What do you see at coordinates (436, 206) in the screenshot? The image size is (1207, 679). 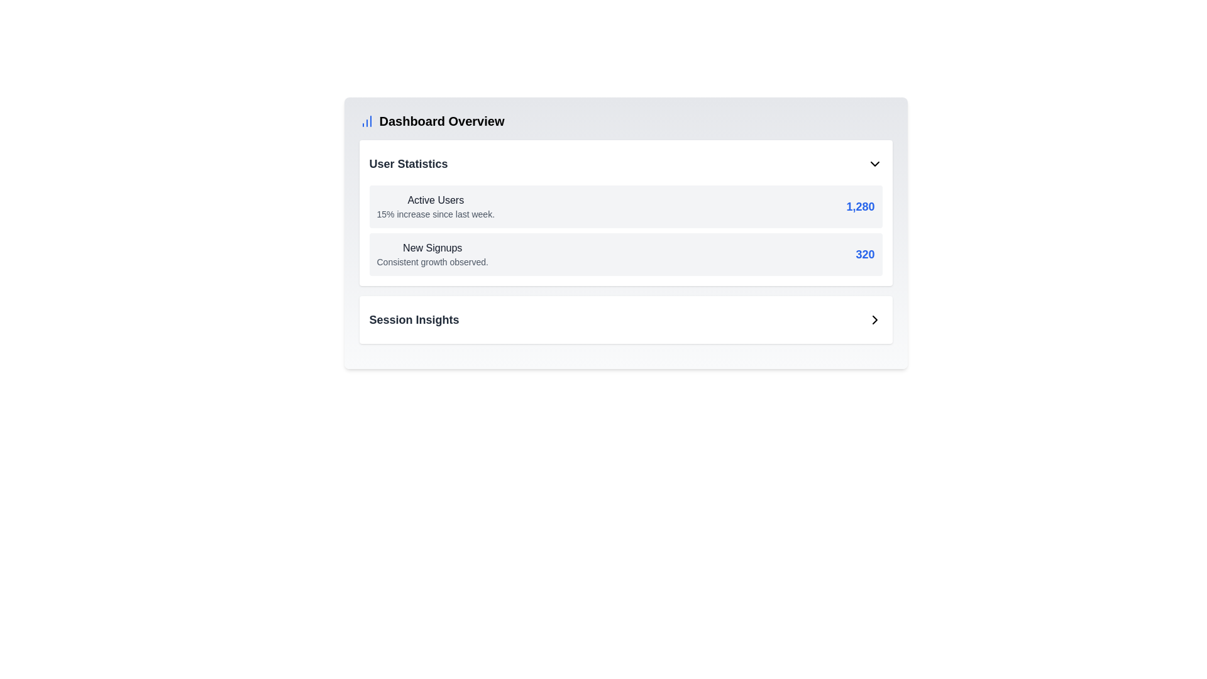 I see `the text block displaying 'Active Users' with the subtitle '15% increase since last week.' located in the top left portion of the dashboard interface` at bounding box center [436, 206].